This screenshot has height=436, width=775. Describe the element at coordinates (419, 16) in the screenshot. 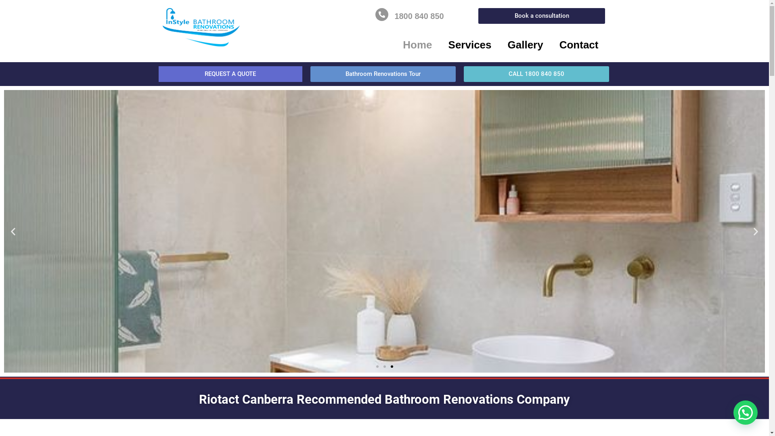

I see `'1800 840 850'` at that location.